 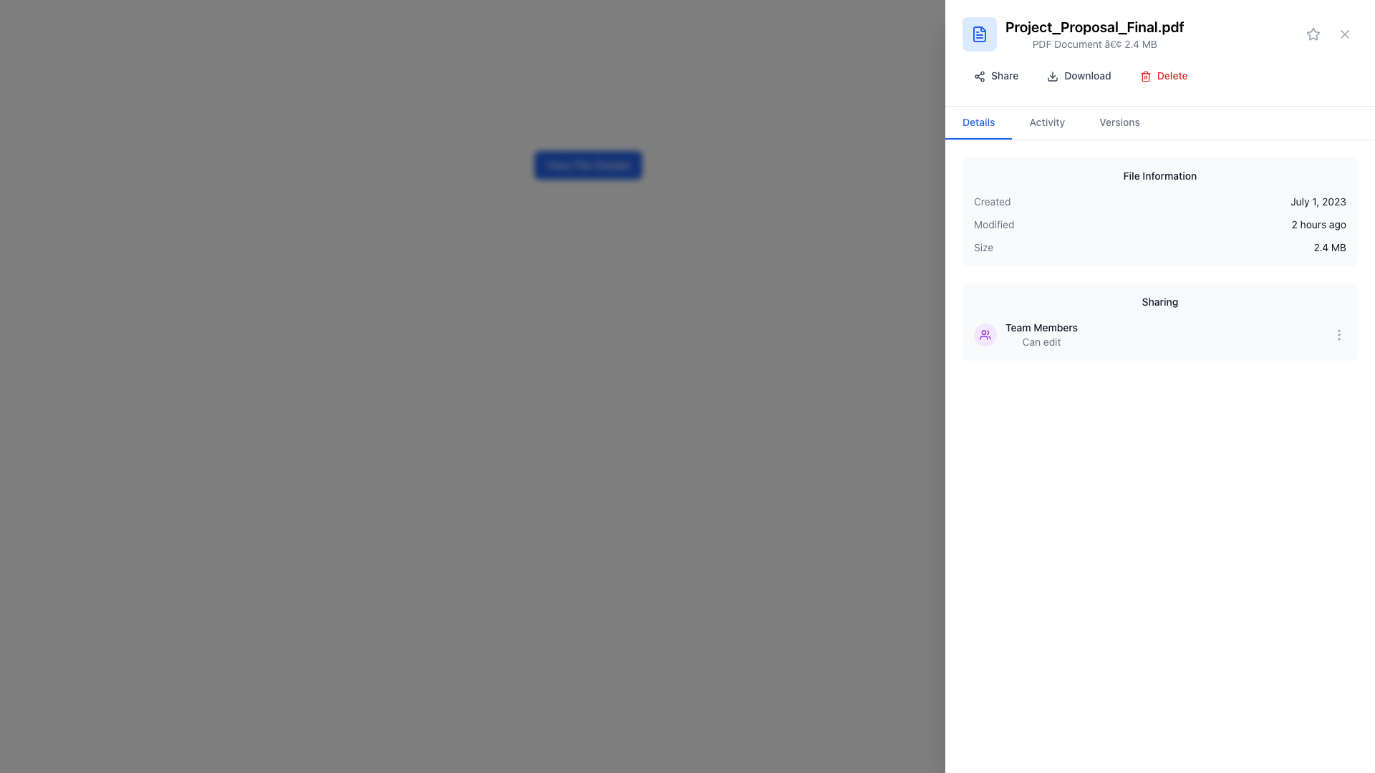 I want to click on the static text label containing 'PDF Document • 2.4 MB', which is located directly underneath the file name 'Project_Proposal_Final.pdf' in the details panel, so click(x=1094, y=43).